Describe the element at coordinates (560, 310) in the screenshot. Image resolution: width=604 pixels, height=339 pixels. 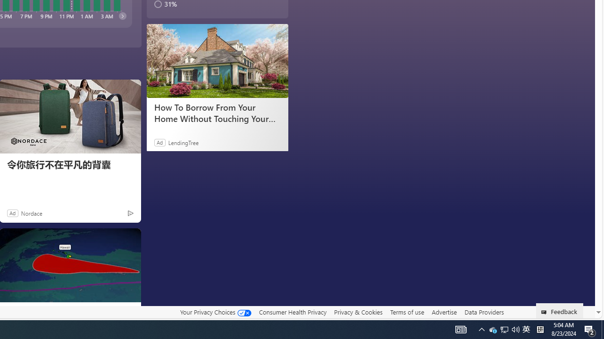
I see `'Feedback'` at that location.